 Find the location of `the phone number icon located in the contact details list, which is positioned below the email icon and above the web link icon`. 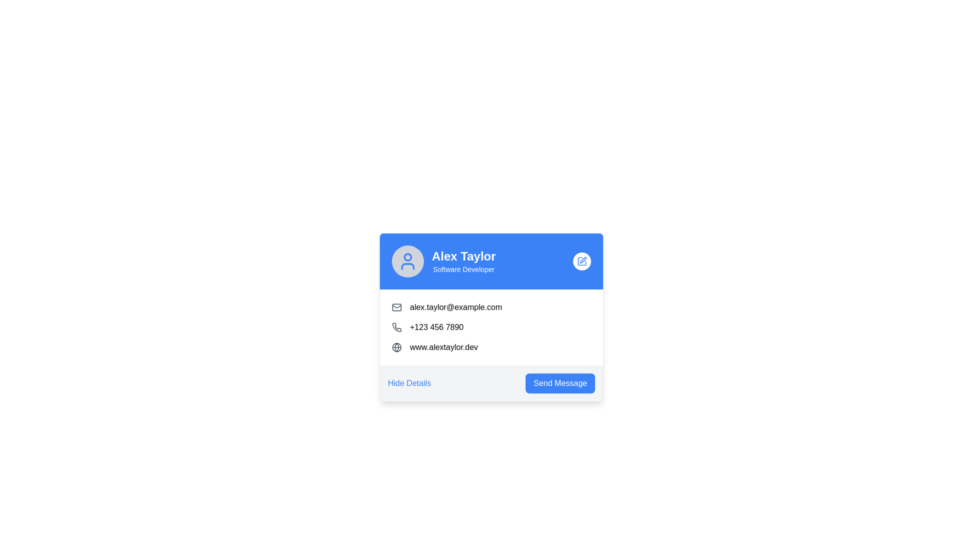

the phone number icon located in the contact details list, which is positioned below the email icon and above the web link icon is located at coordinates (396, 327).